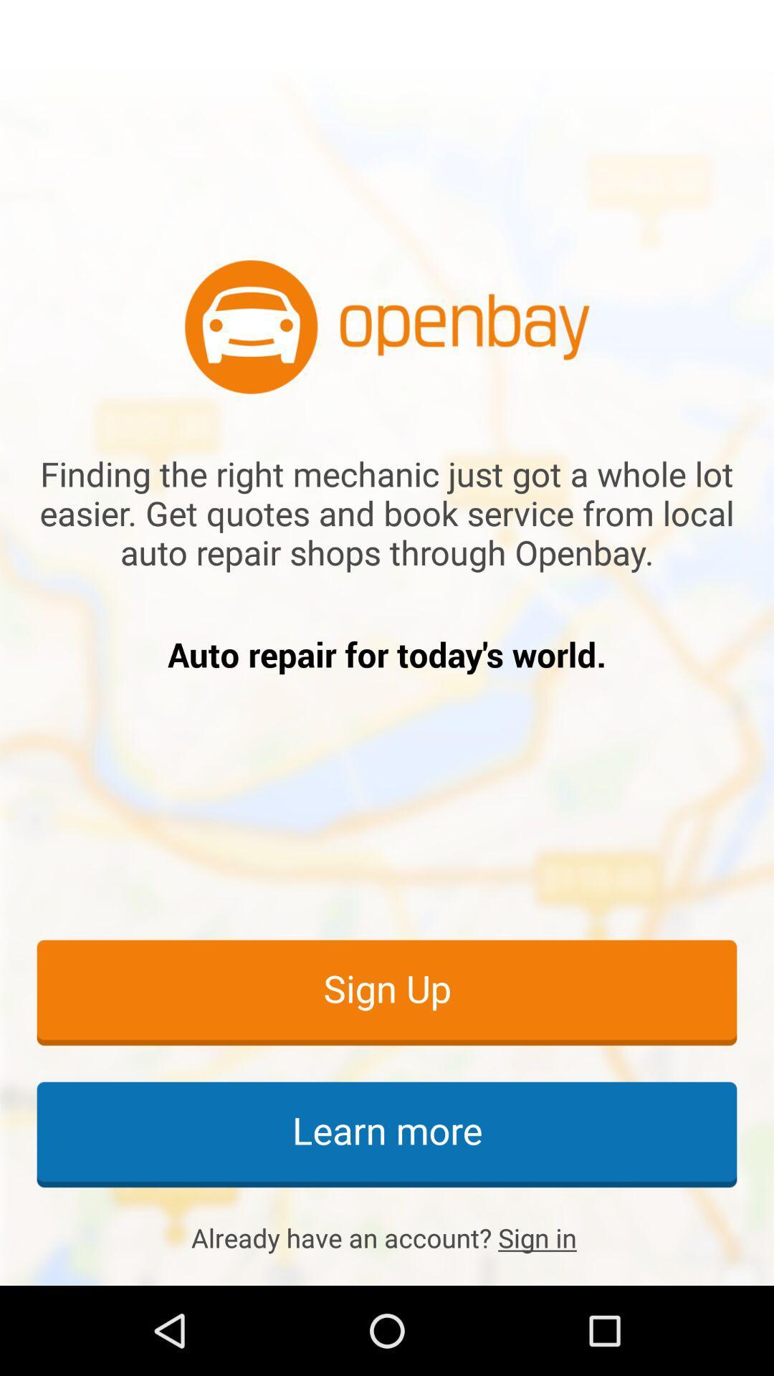 The image size is (774, 1376). What do you see at coordinates (387, 1133) in the screenshot?
I see `icon above the already have an` at bounding box center [387, 1133].